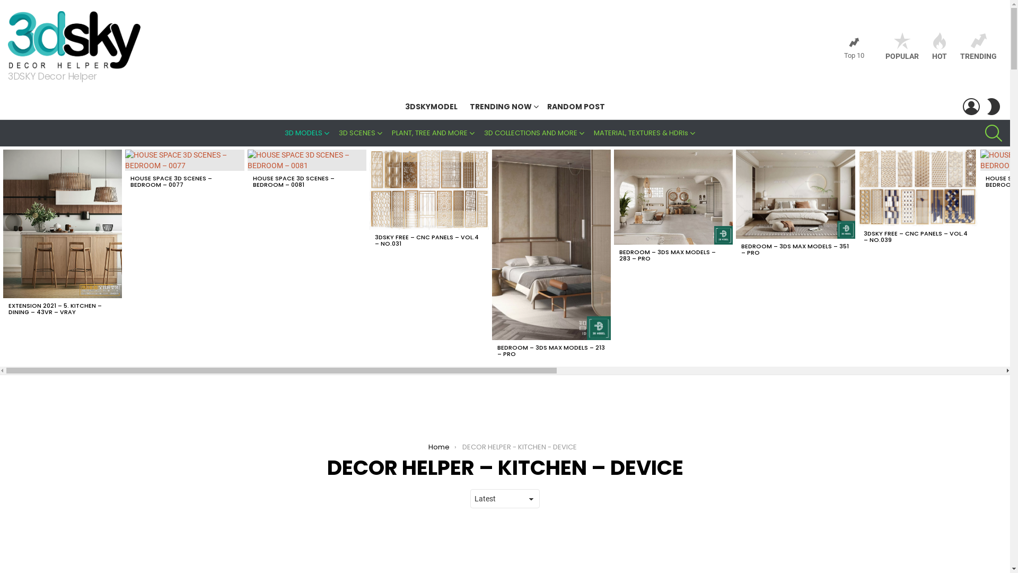 This screenshot has width=1018, height=573. Describe the element at coordinates (939, 46) in the screenshot. I see `'HOT'` at that location.